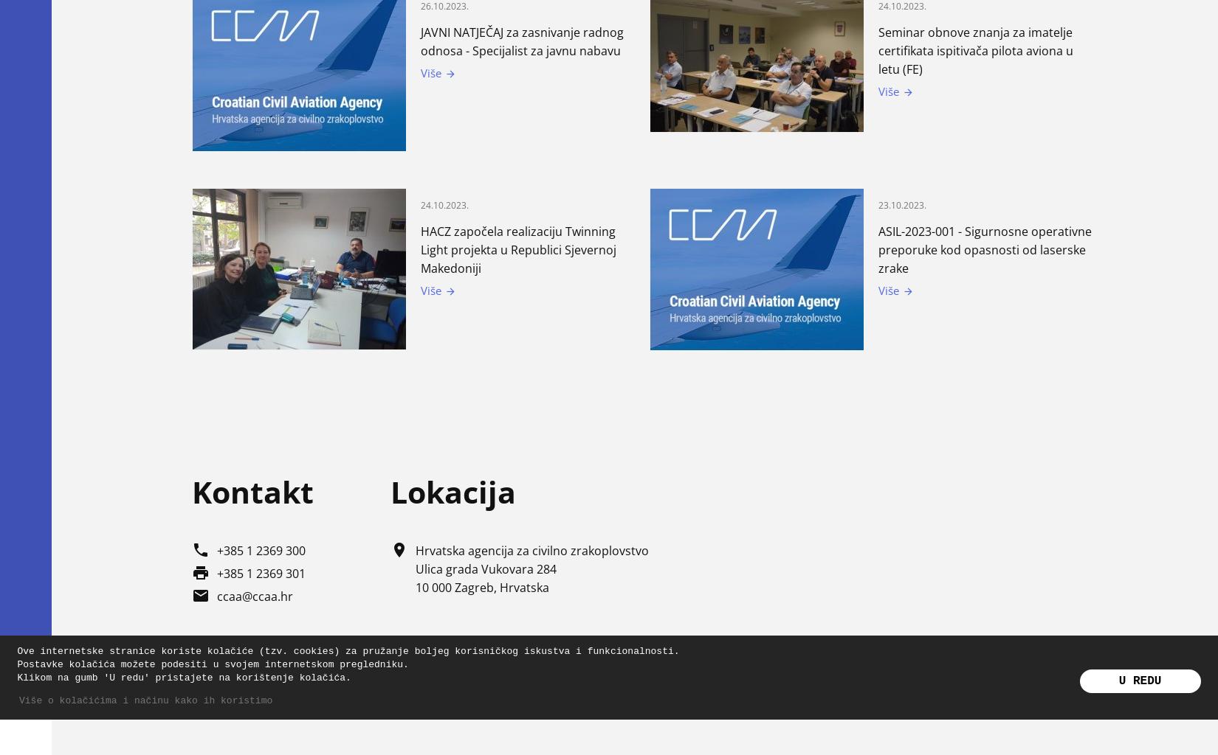 This screenshot has width=1218, height=755. I want to click on '+385 1 2369 301', so click(261, 574).